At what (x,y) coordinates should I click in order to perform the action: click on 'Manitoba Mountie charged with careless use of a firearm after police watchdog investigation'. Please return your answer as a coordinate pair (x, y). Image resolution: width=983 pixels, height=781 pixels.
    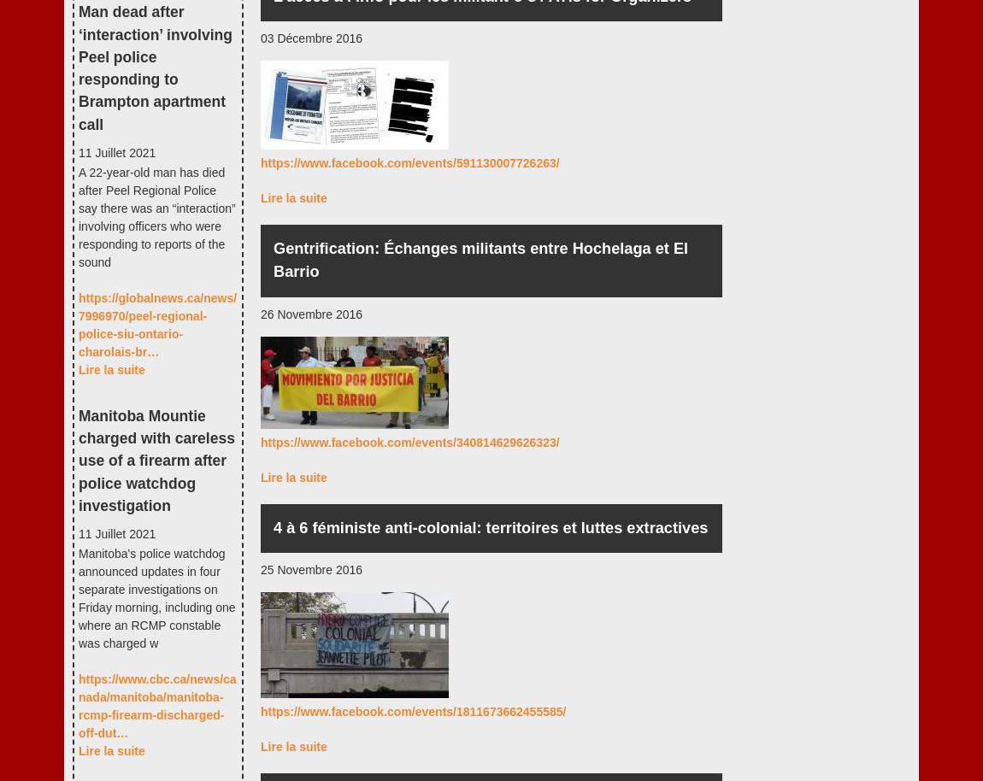
    Looking at the image, I should click on (155, 459).